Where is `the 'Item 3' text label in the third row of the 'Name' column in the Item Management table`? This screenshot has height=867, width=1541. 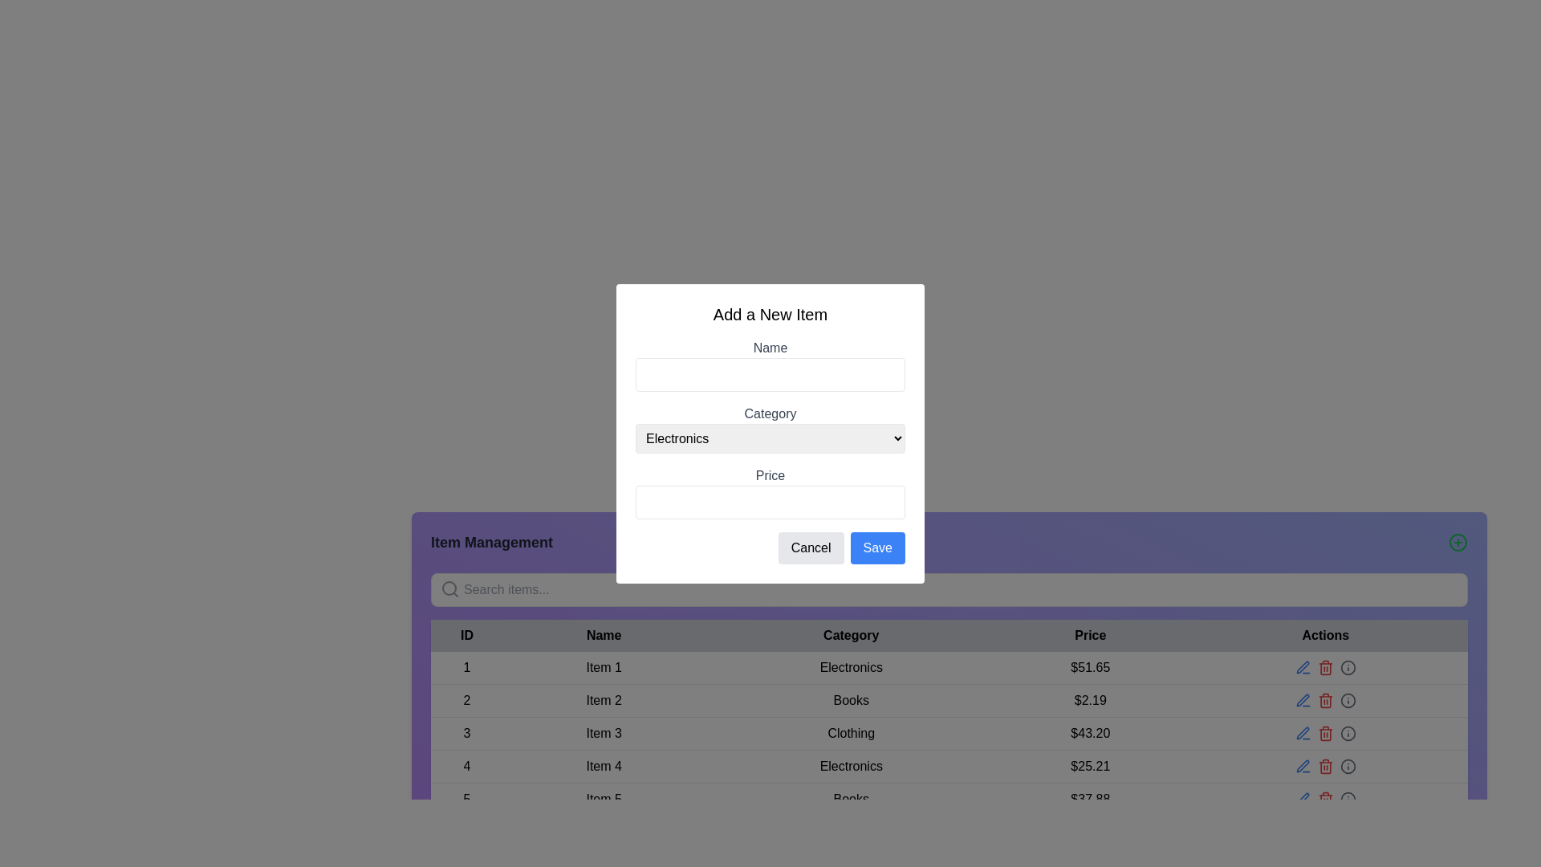
the 'Item 3' text label in the third row of the 'Name' column in the Item Management table is located at coordinates (603, 734).